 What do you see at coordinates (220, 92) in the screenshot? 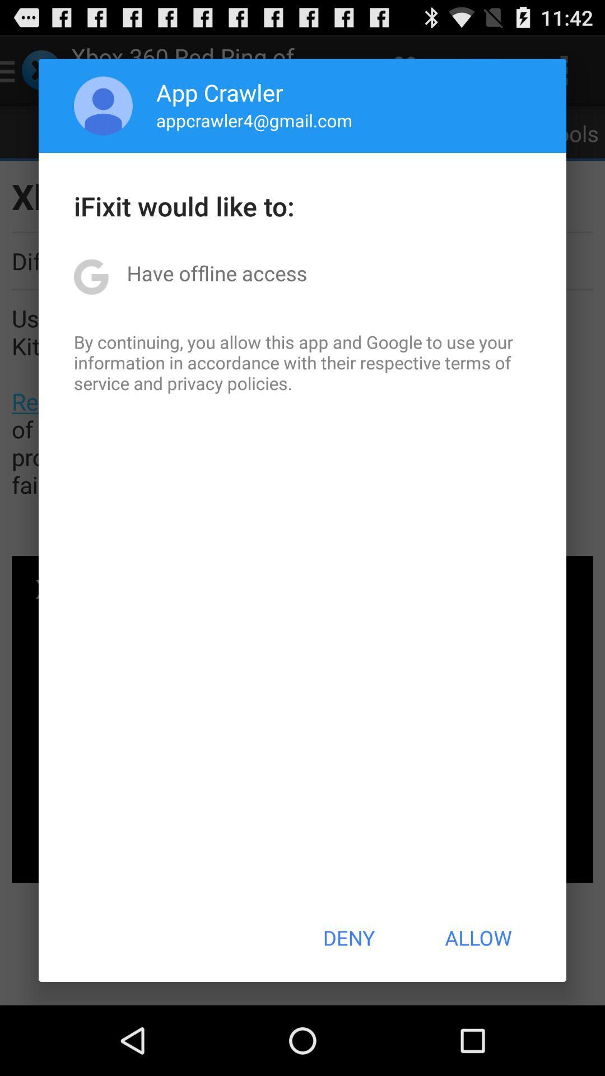
I see `icon above appcrawler4@gmail.com app` at bounding box center [220, 92].